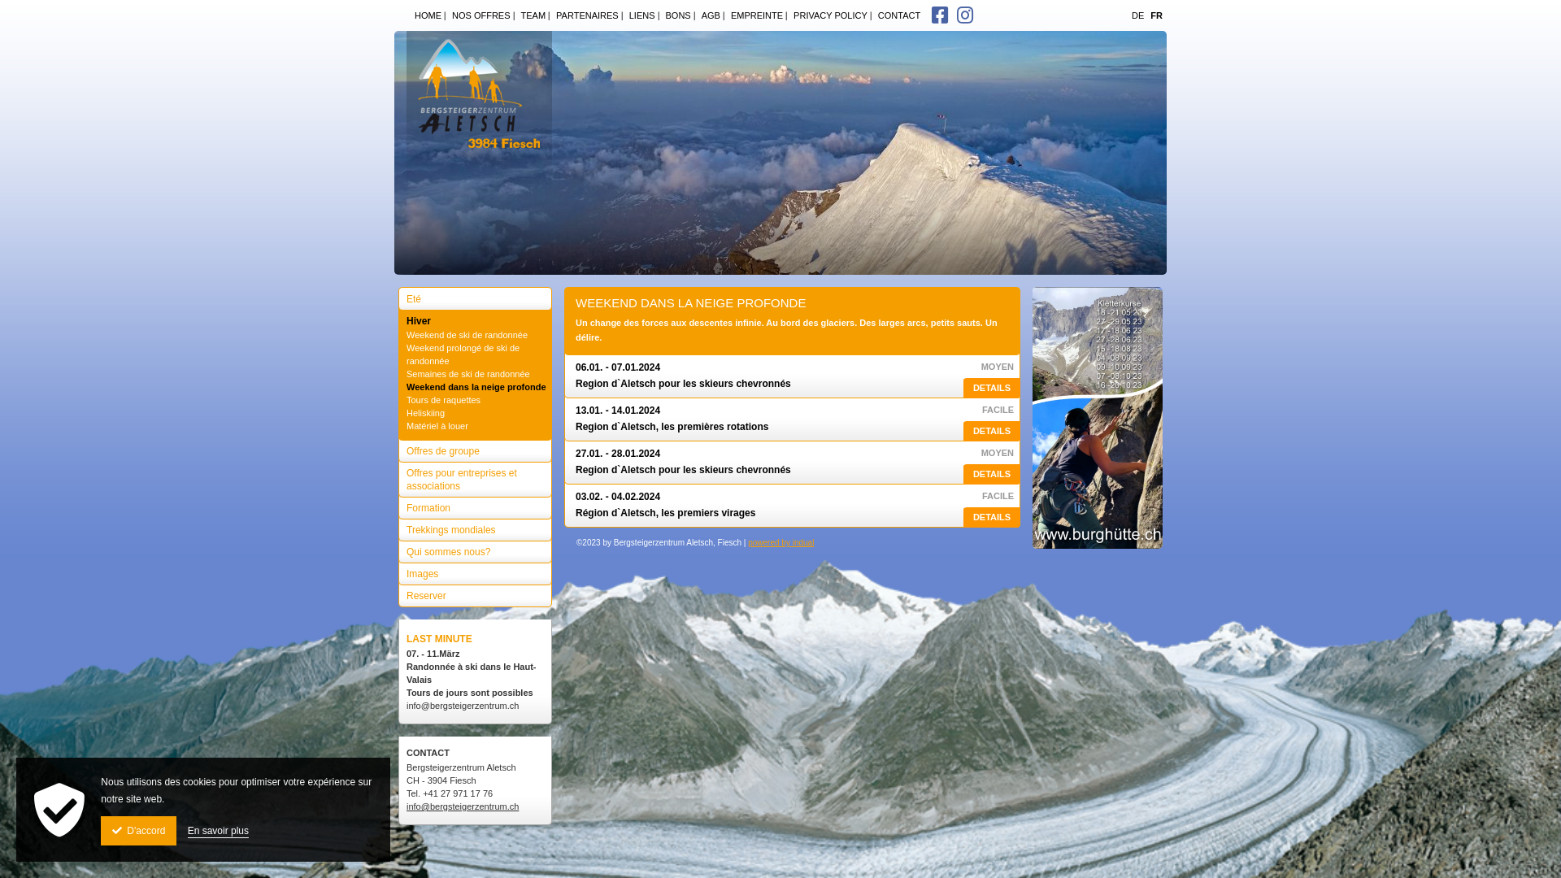 The height and width of the screenshot is (878, 1561). I want to click on 'Offres de groupe', so click(474, 447).